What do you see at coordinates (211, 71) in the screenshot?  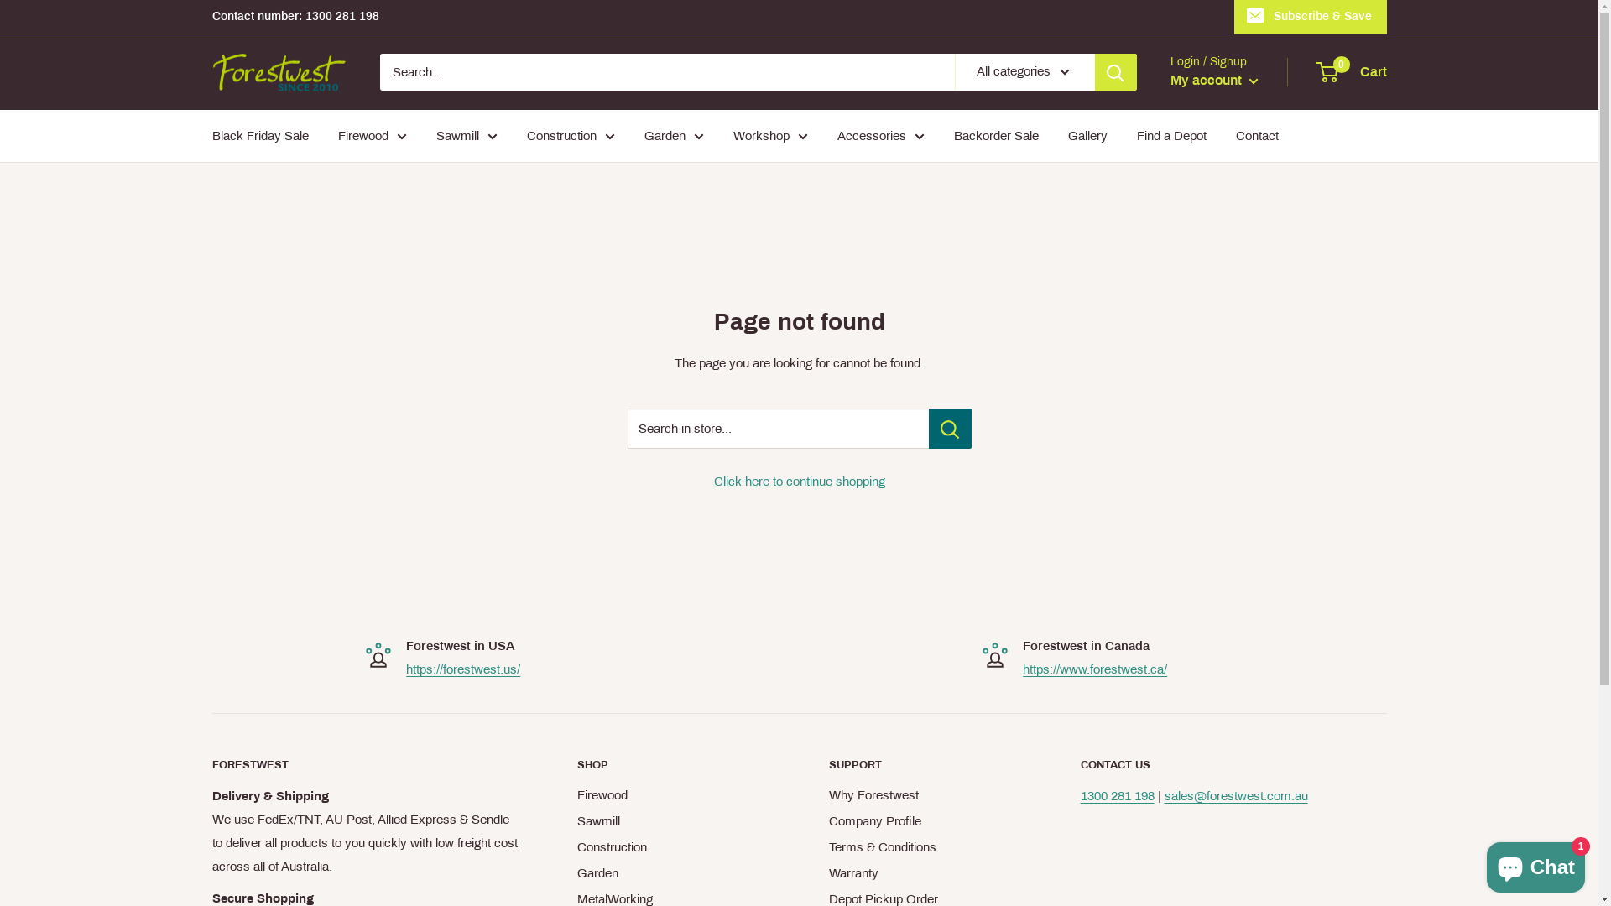 I see `'Forestwest AU'` at bounding box center [211, 71].